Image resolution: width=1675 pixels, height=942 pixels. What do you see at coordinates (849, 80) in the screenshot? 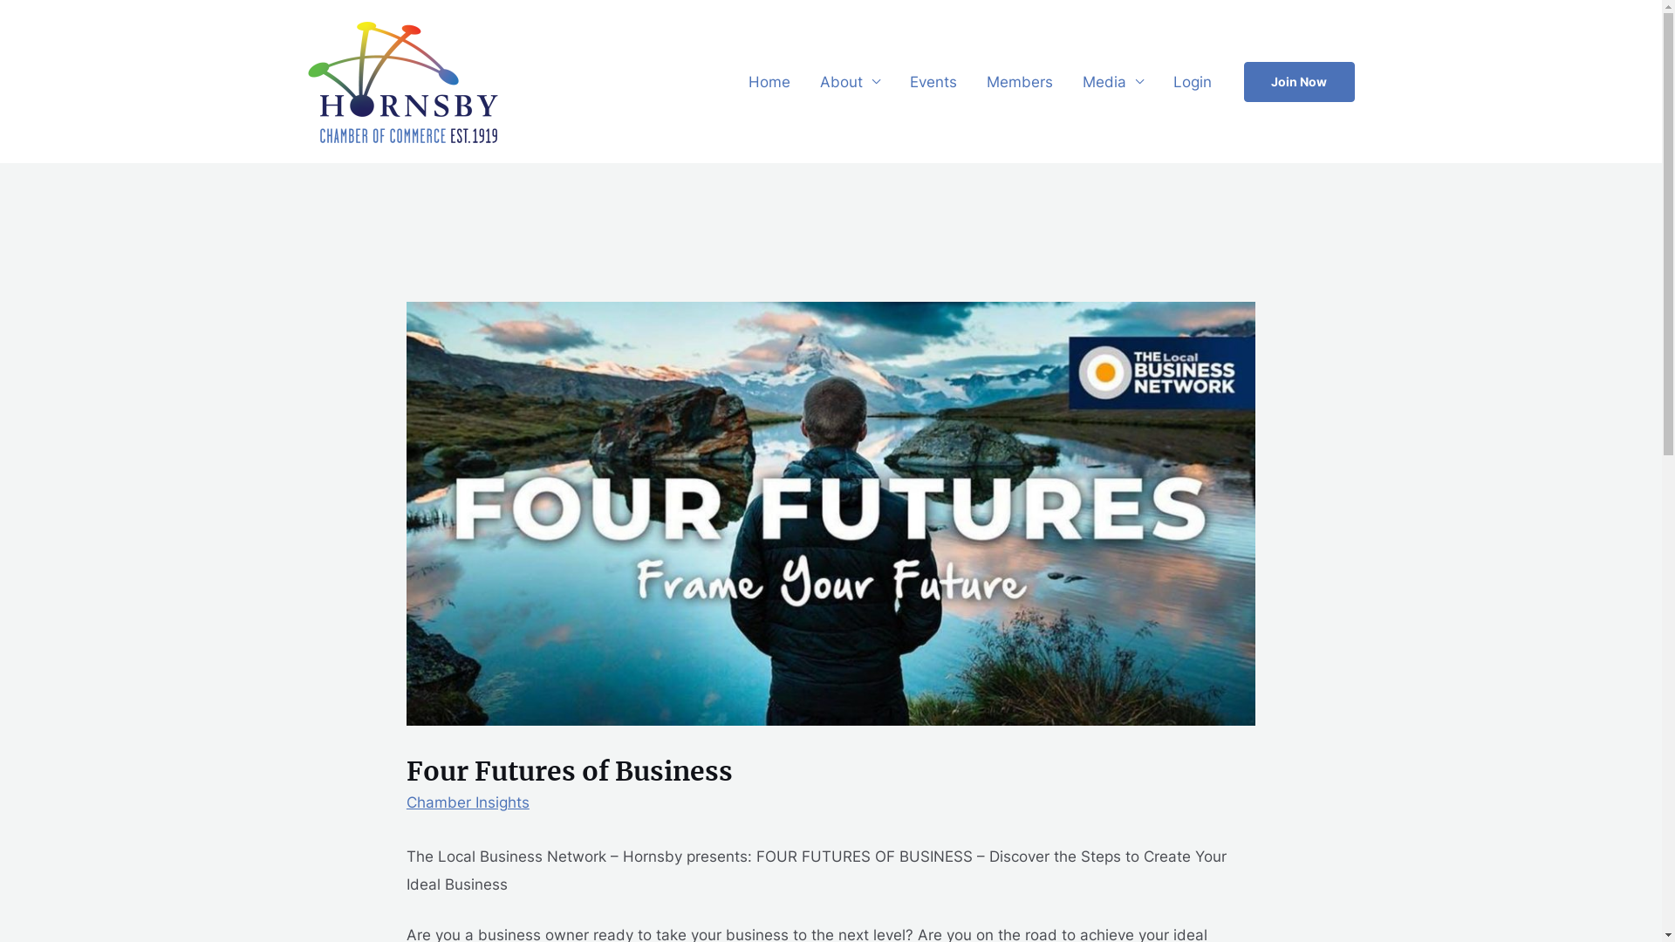
I see `'About'` at bounding box center [849, 80].